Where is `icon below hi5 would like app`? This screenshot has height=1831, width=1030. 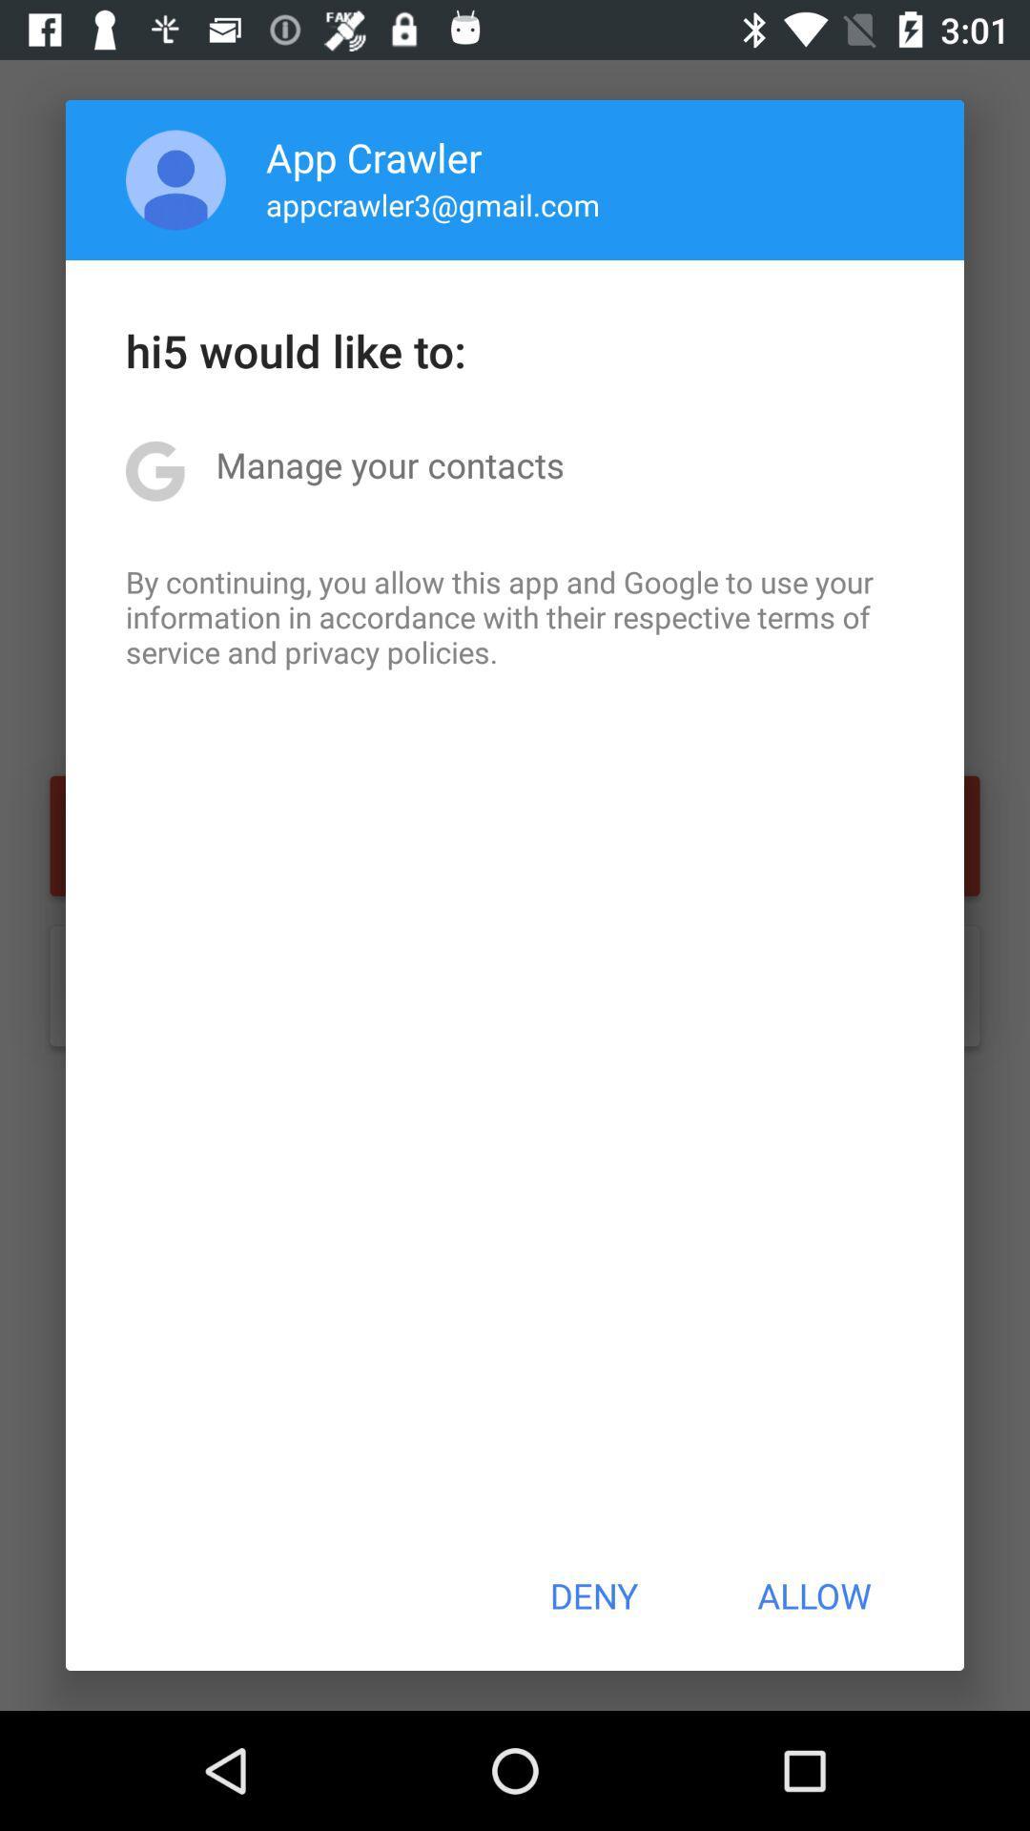
icon below hi5 would like app is located at coordinates (389, 464).